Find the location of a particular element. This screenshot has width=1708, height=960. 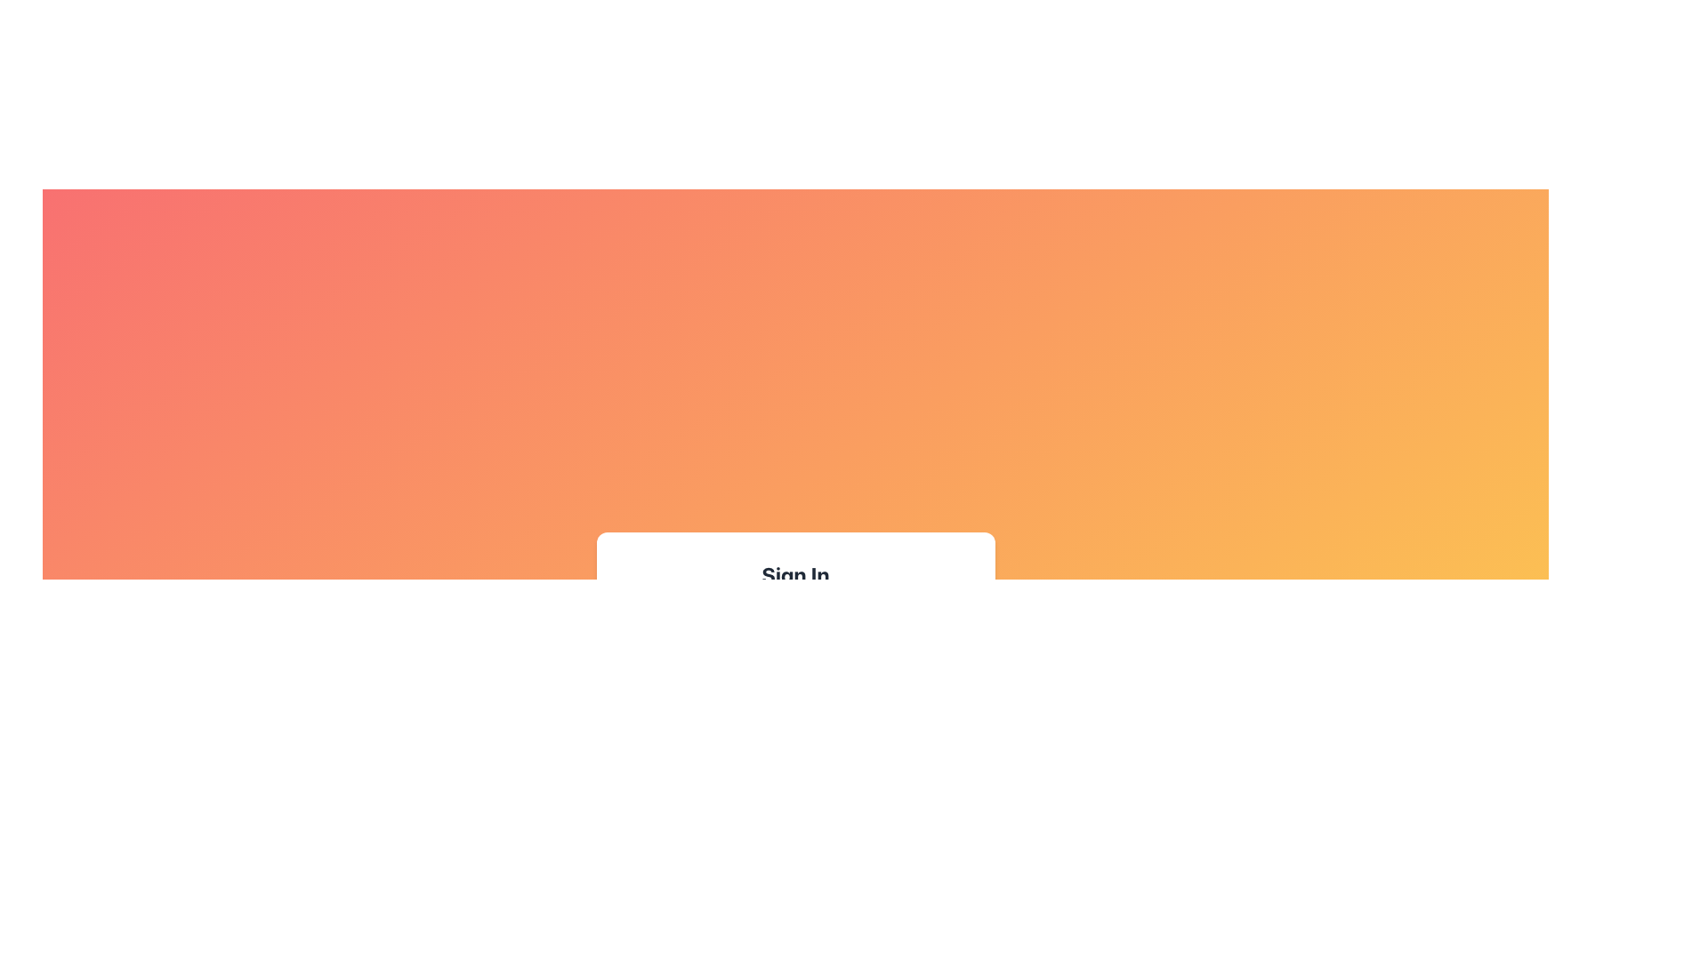

the Text header located at the top of the white, rounded box, which indicates the primary action or feature of the form or section is located at coordinates (794, 575).